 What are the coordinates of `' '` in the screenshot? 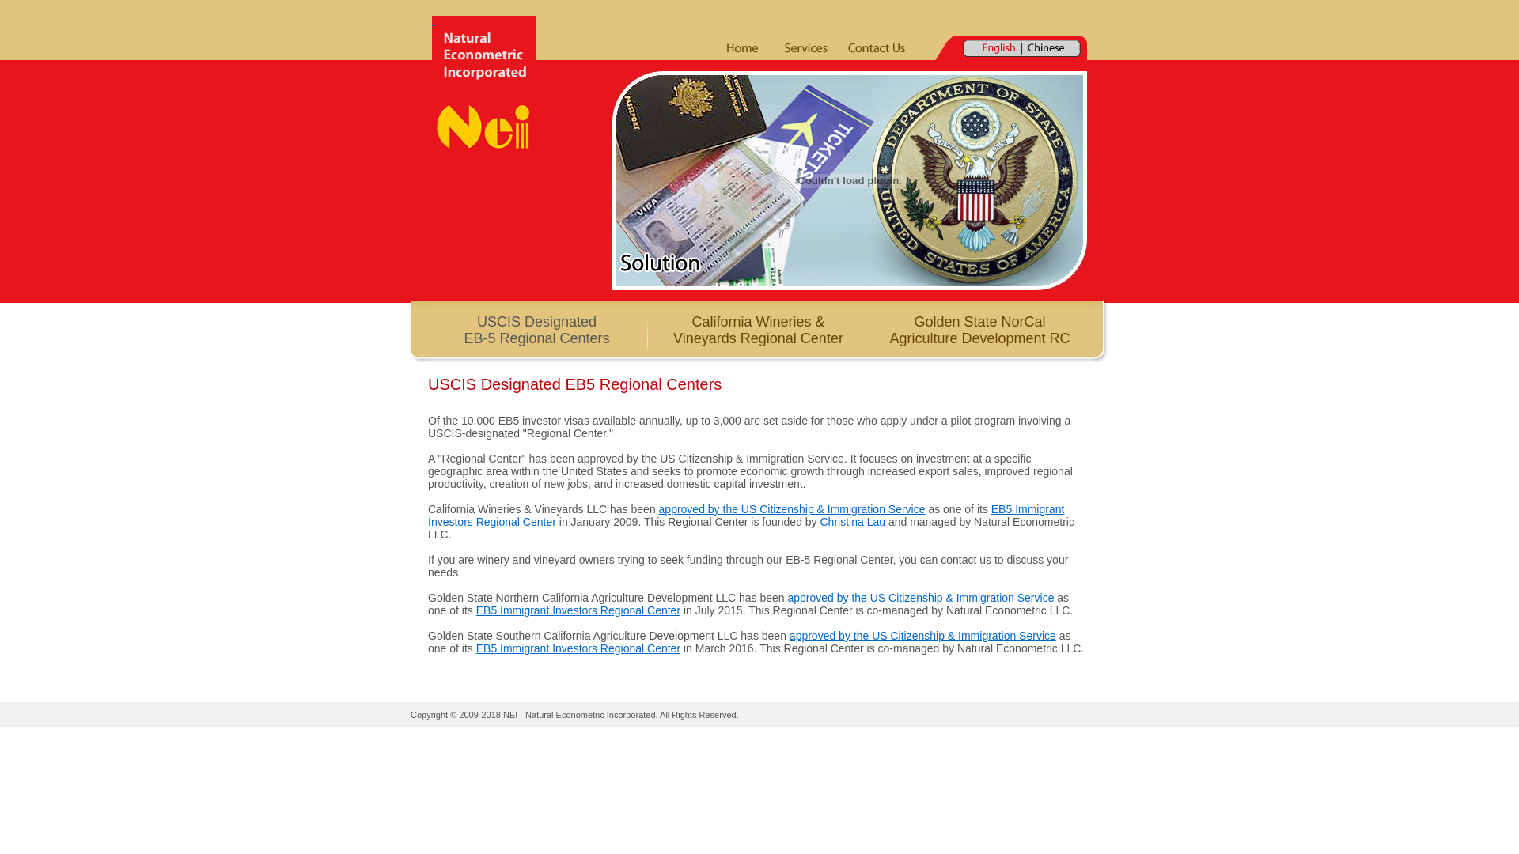 It's located at (483, 82).